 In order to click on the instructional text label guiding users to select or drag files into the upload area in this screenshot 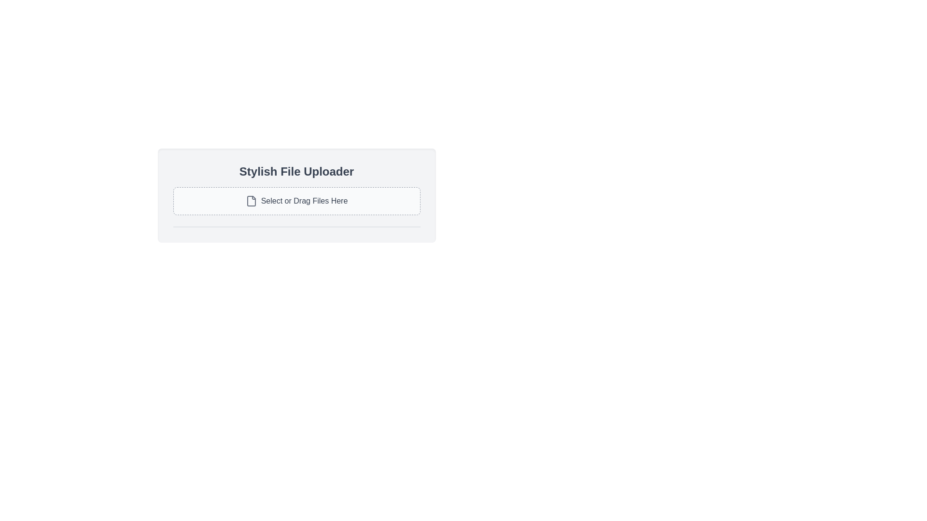, I will do `click(304, 200)`.